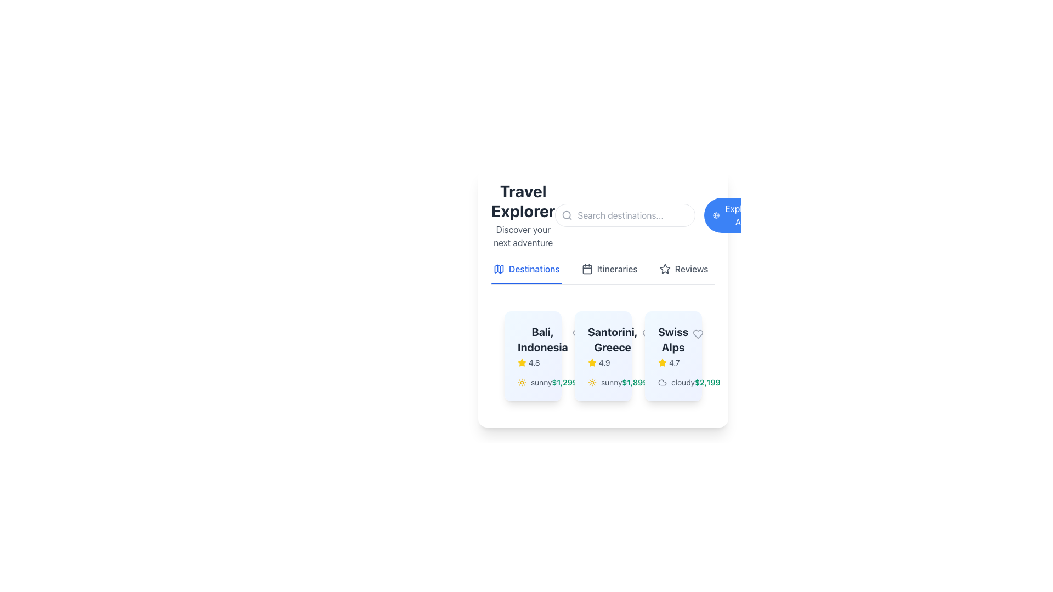  What do you see at coordinates (526, 272) in the screenshot?
I see `the 'Destinations' interactive text link with a map icon, which is the first menu item in the navigation bar, to potentially reveal additional information` at bounding box center [526, 272].